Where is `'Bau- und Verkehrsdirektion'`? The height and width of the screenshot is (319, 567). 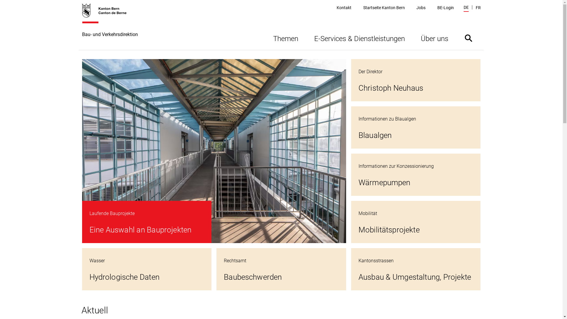
'Bau- und Verkehrsdirektion' is located at coordinates (110, 26).